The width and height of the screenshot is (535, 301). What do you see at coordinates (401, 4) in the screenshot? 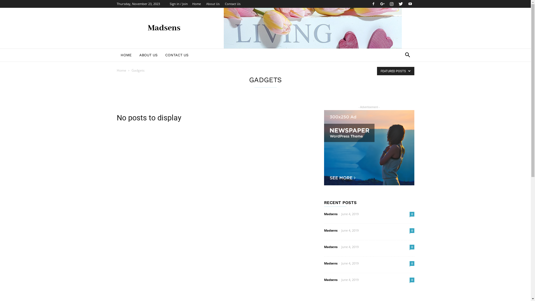
I see `'Twitter'` at bounding box center [401, 4].